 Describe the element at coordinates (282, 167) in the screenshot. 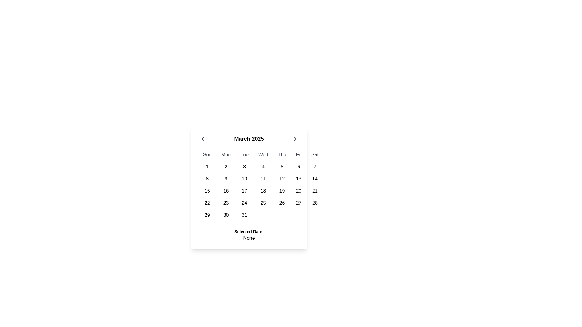

I see `the rectangular button with a white background and black text displaying the number '5'` at that location.